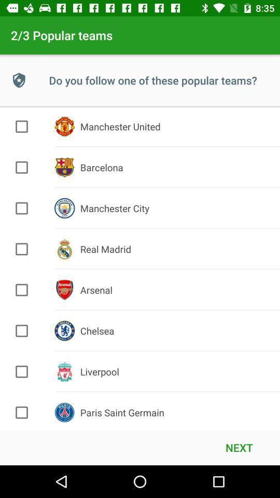  Describe the element at coordinates (22, 126) in the screenshot. I see `team` at that location.